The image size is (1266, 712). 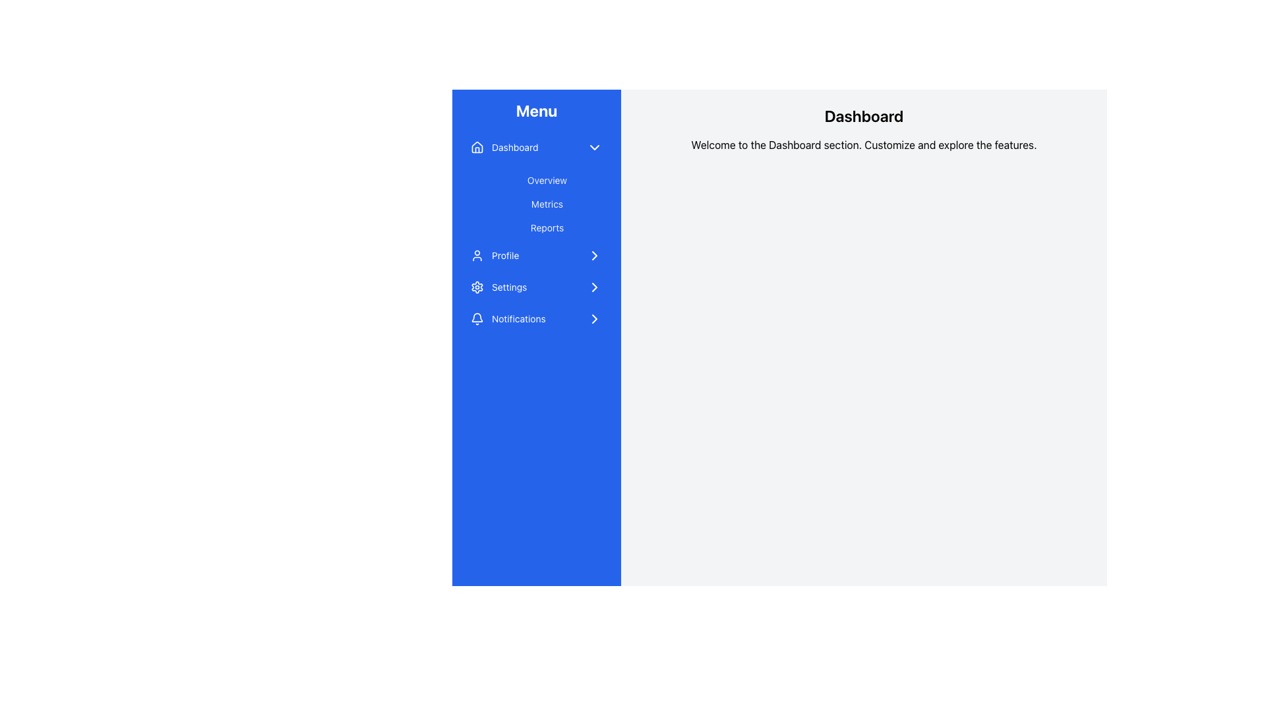 What do you see at coordinates (547, 180) in the screenshot?
I see `the 'Overview' button located in the vertical menu on the left side, which is the first button under the 'Dashboard' section, to change its background and text color` at bounding box center [547, 180].